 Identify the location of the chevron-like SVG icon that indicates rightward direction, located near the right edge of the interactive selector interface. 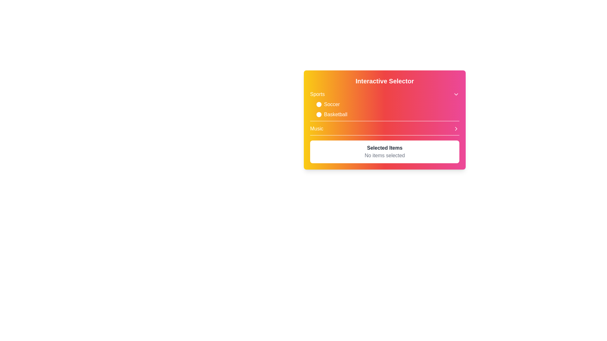
(456, 129).